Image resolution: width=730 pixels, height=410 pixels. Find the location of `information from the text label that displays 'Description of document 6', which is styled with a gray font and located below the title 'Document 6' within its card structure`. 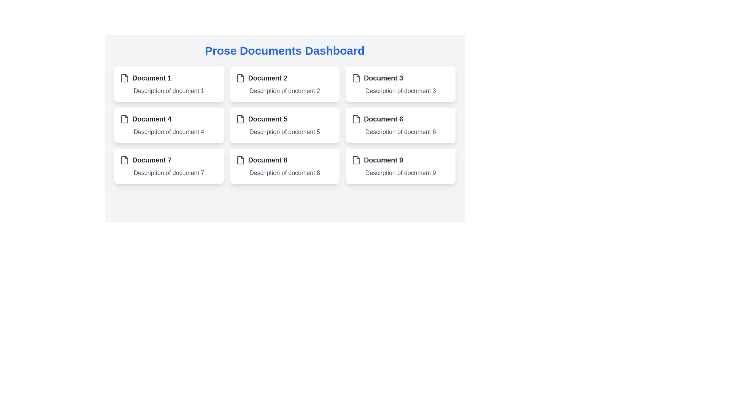

information from the text label that displays 'Description of document 6', which is styled with a gray font and located below the title 'Document 6' within its card structure is located at coordinates (400, 131).